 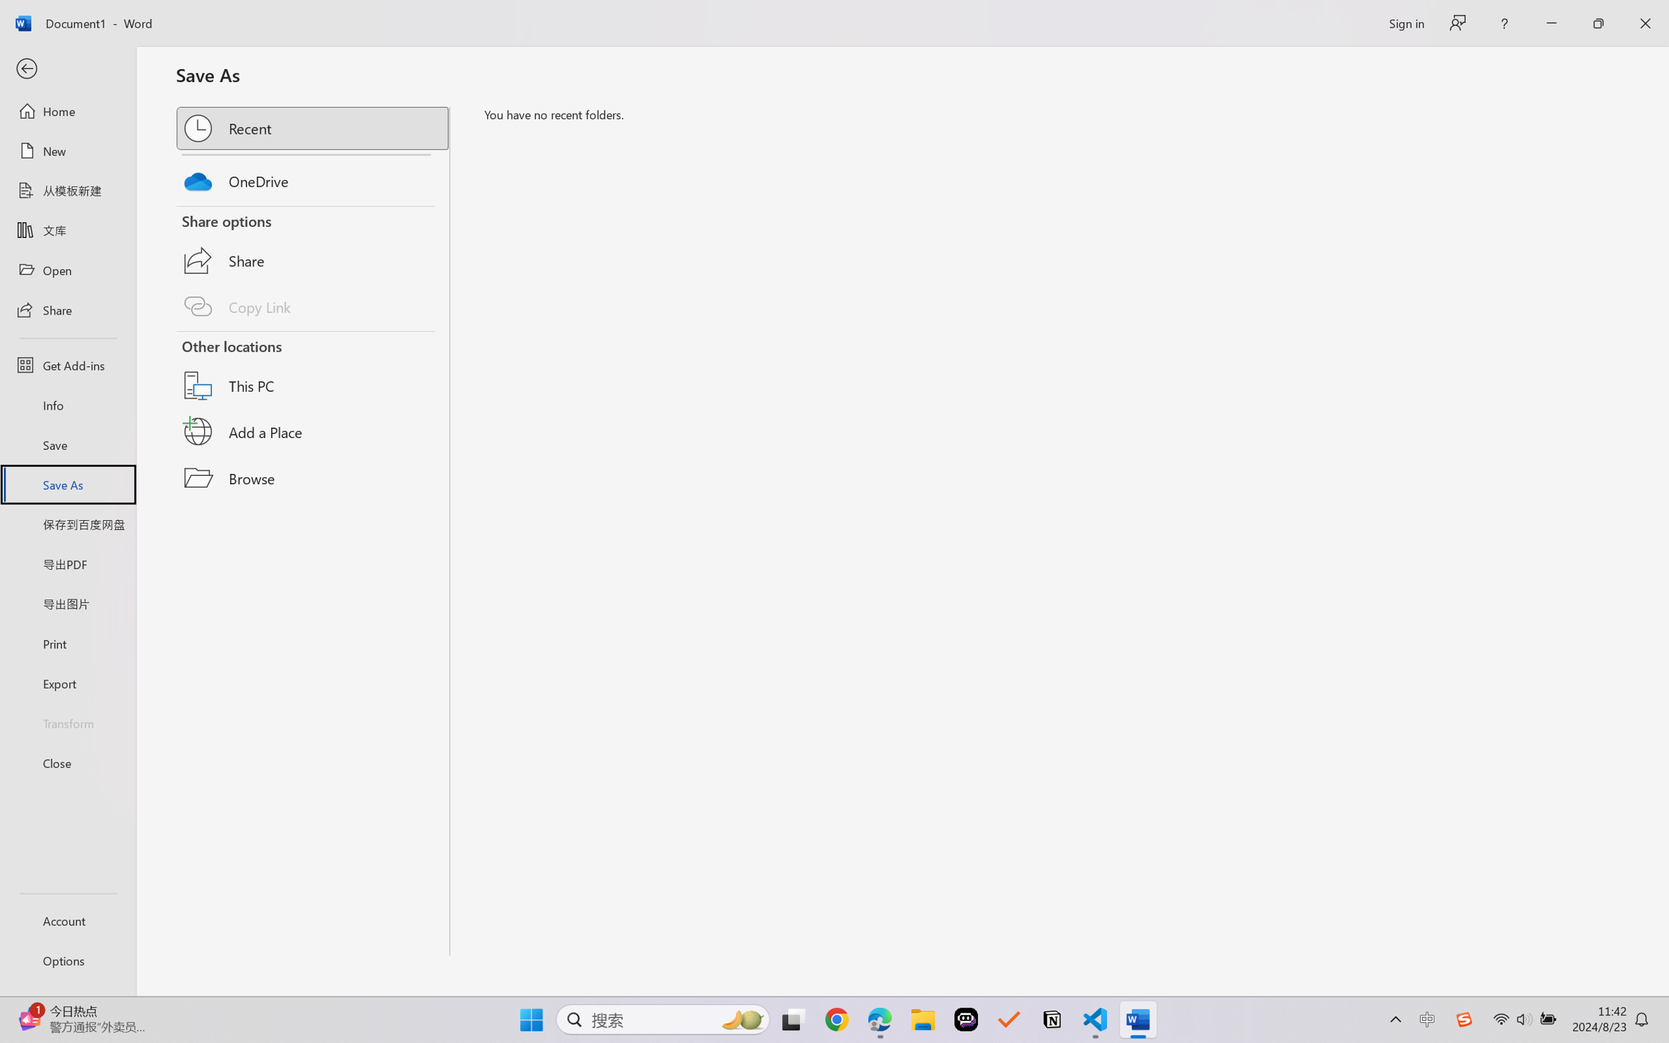 What do you see at coordinates (313, 477) in the screenshot?
I see `'Browse'` at bounding box center [313, 477].